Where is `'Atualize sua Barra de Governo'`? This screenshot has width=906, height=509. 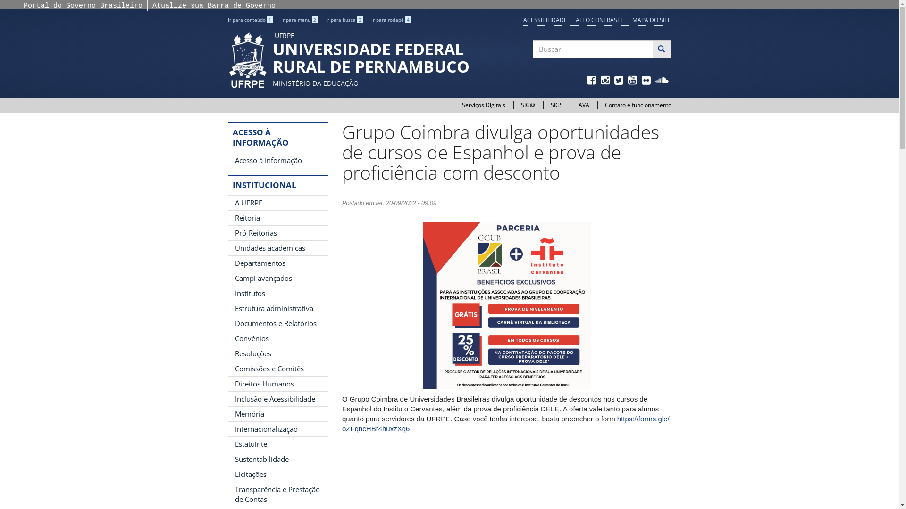 'Atualize sua Barra de Governo' is located at coordinates (213, 6).